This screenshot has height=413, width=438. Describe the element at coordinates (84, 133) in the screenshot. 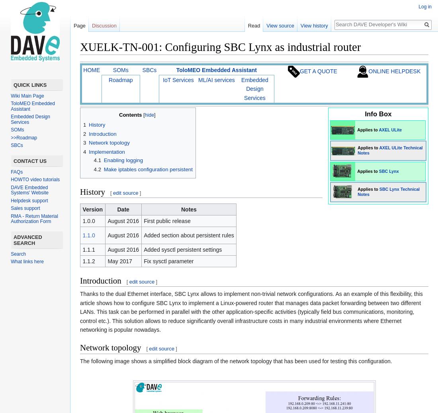

I see `'2'` at that location.